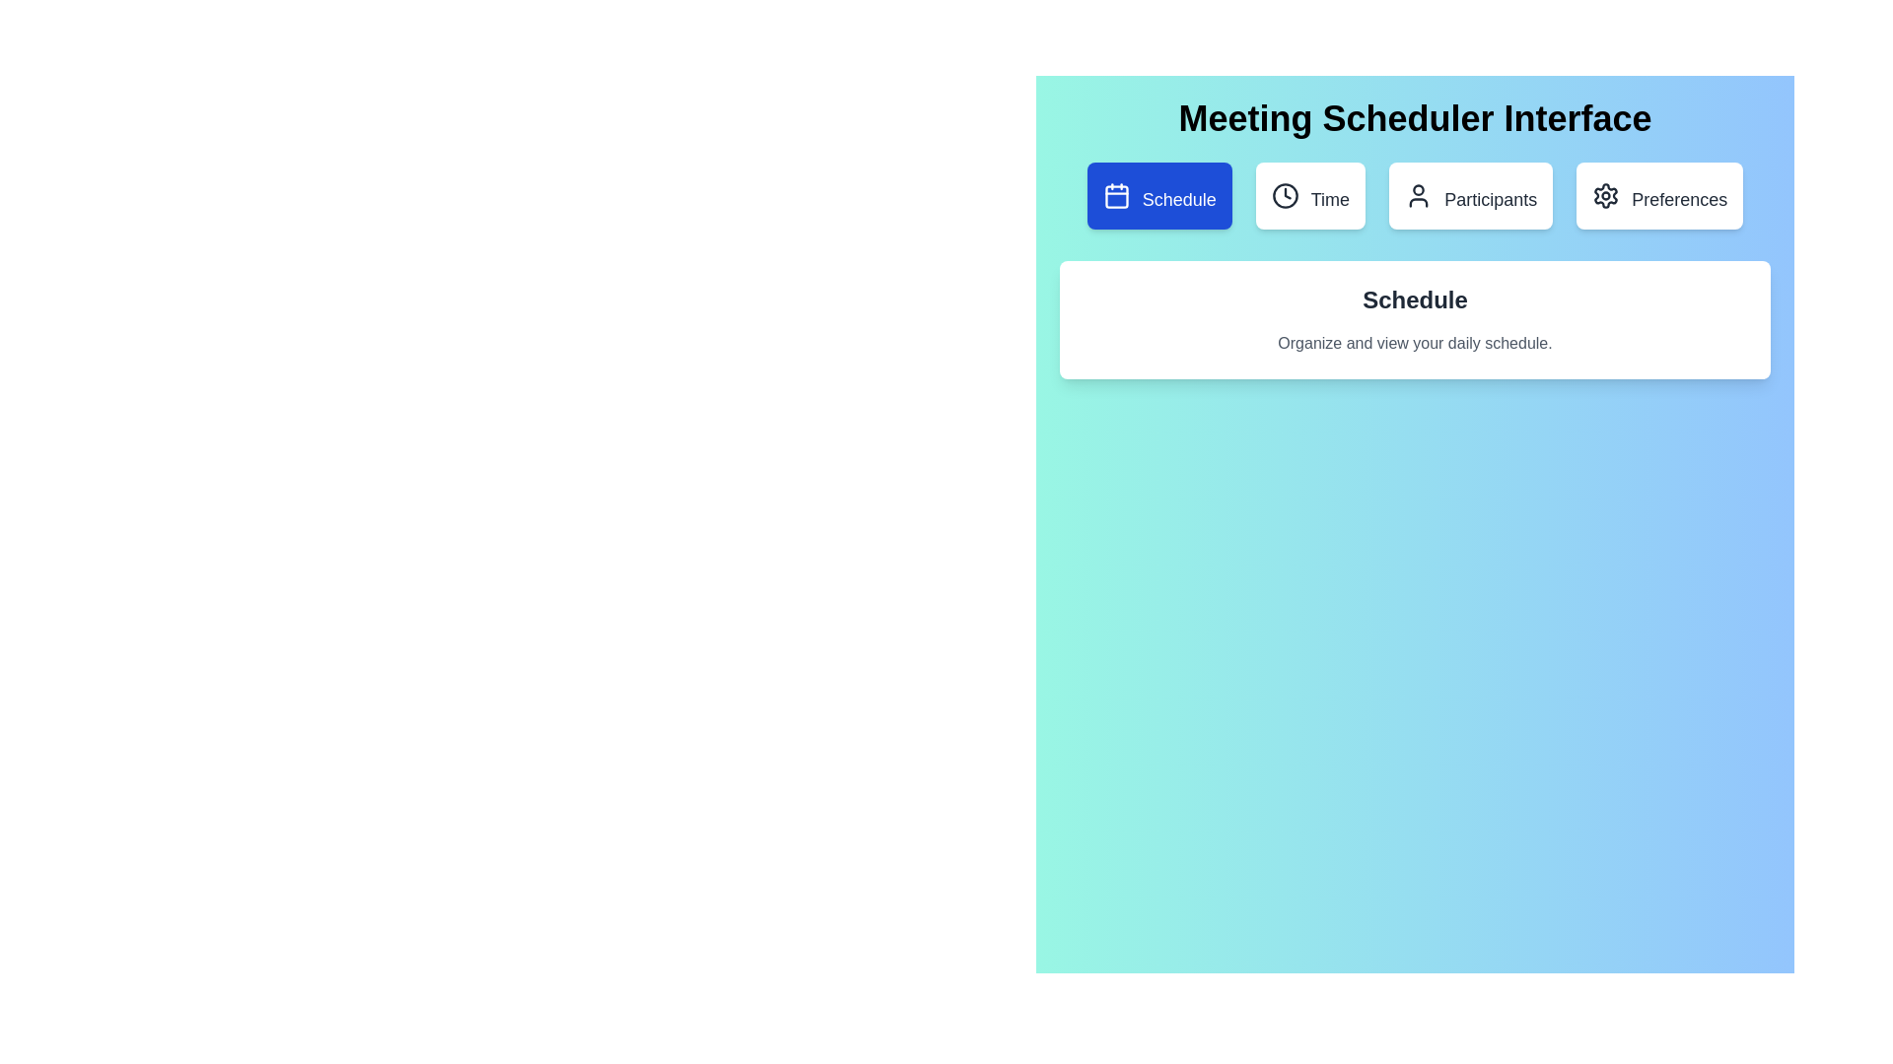 This screenshot has height=1064, width=1893. What do you see at coordinates (1285, 196) in the screenshot?
I see `the clock icon, which is a minimalist circular outline with clock hands, located within the 'Time' button, positioned between the 'Schedule' and 'Participants' buttons` at bounding box center [1285, 196].